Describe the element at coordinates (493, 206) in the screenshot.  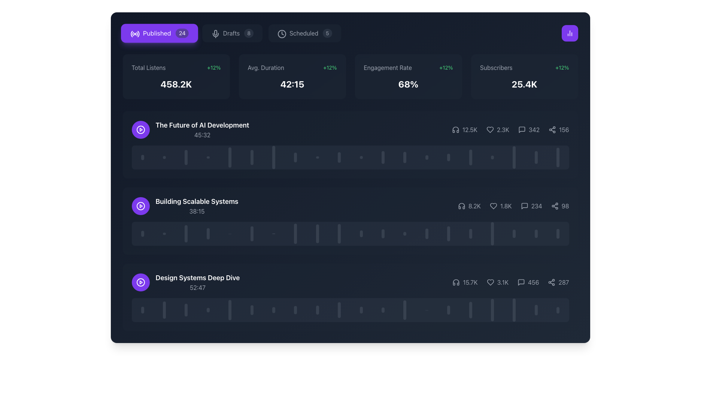
I see `the heart icon located in the second row, aligned to the right of the numeric counter '1.8K'` at that location.